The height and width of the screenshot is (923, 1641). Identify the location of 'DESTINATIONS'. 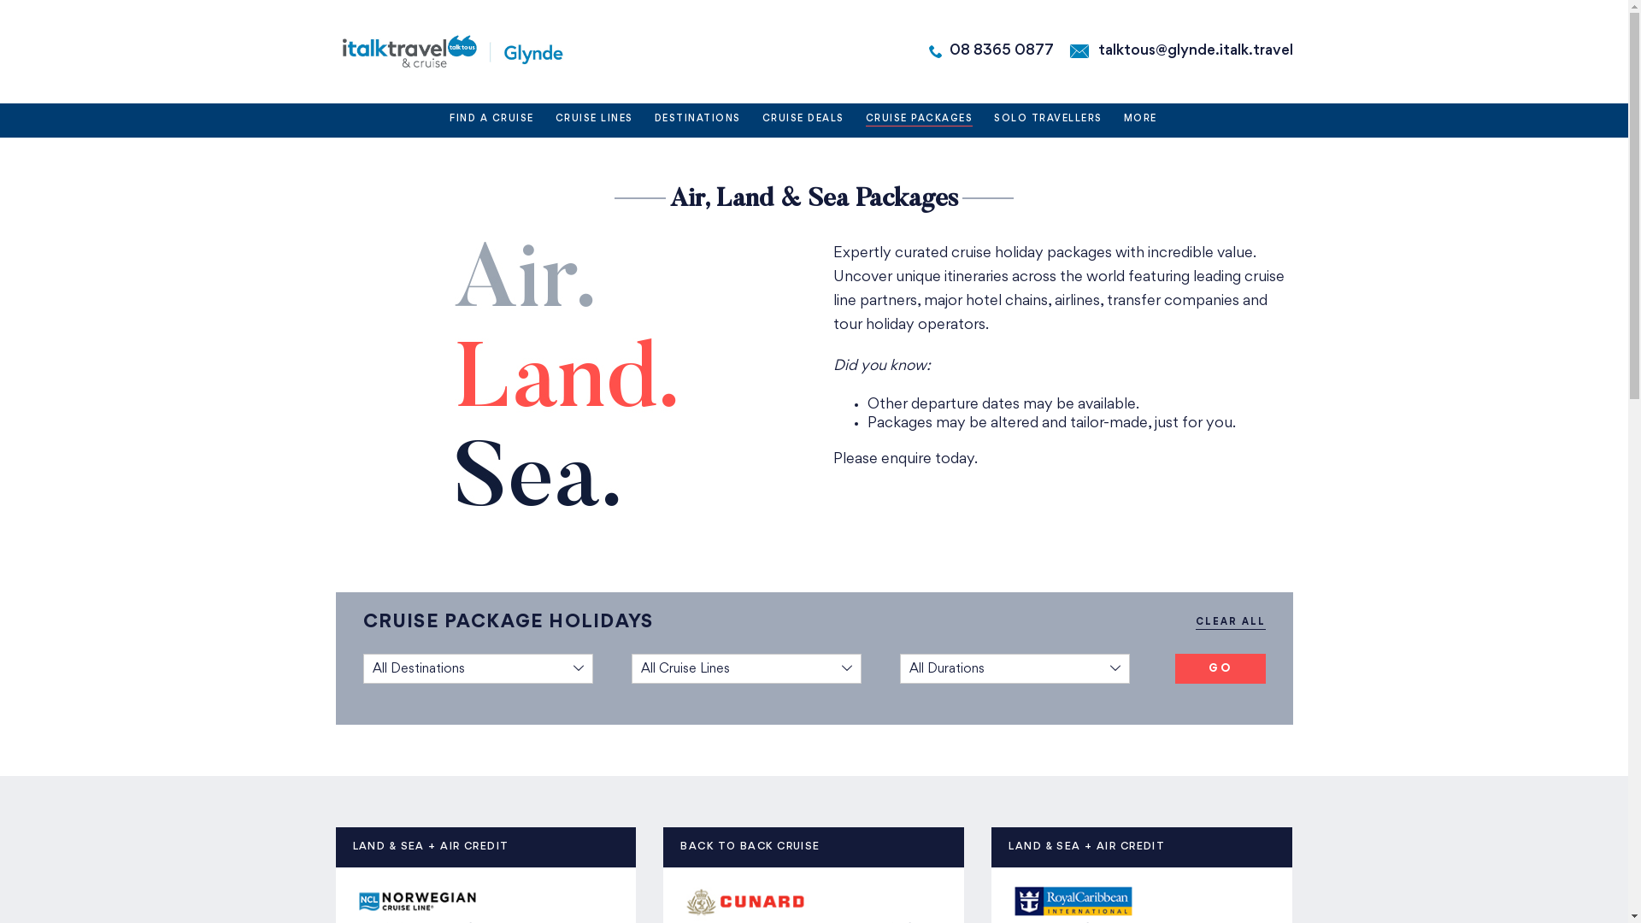
(697, 120).